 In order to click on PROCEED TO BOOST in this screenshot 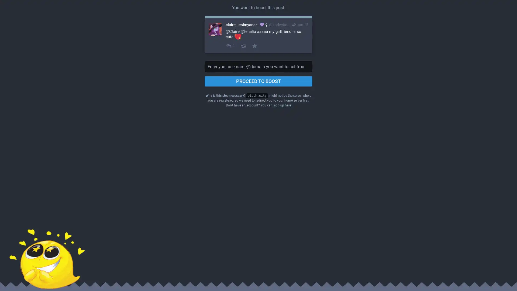, I will do `click(258, 81)`.